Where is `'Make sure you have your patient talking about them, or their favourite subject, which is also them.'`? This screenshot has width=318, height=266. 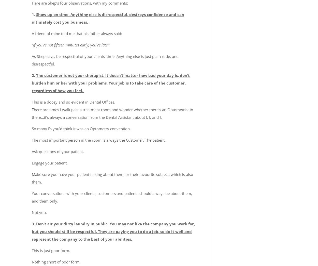 'Make sure you have your patient talking about them, or their favourite subject, which is also them.' is located at coordinates (112, 178).